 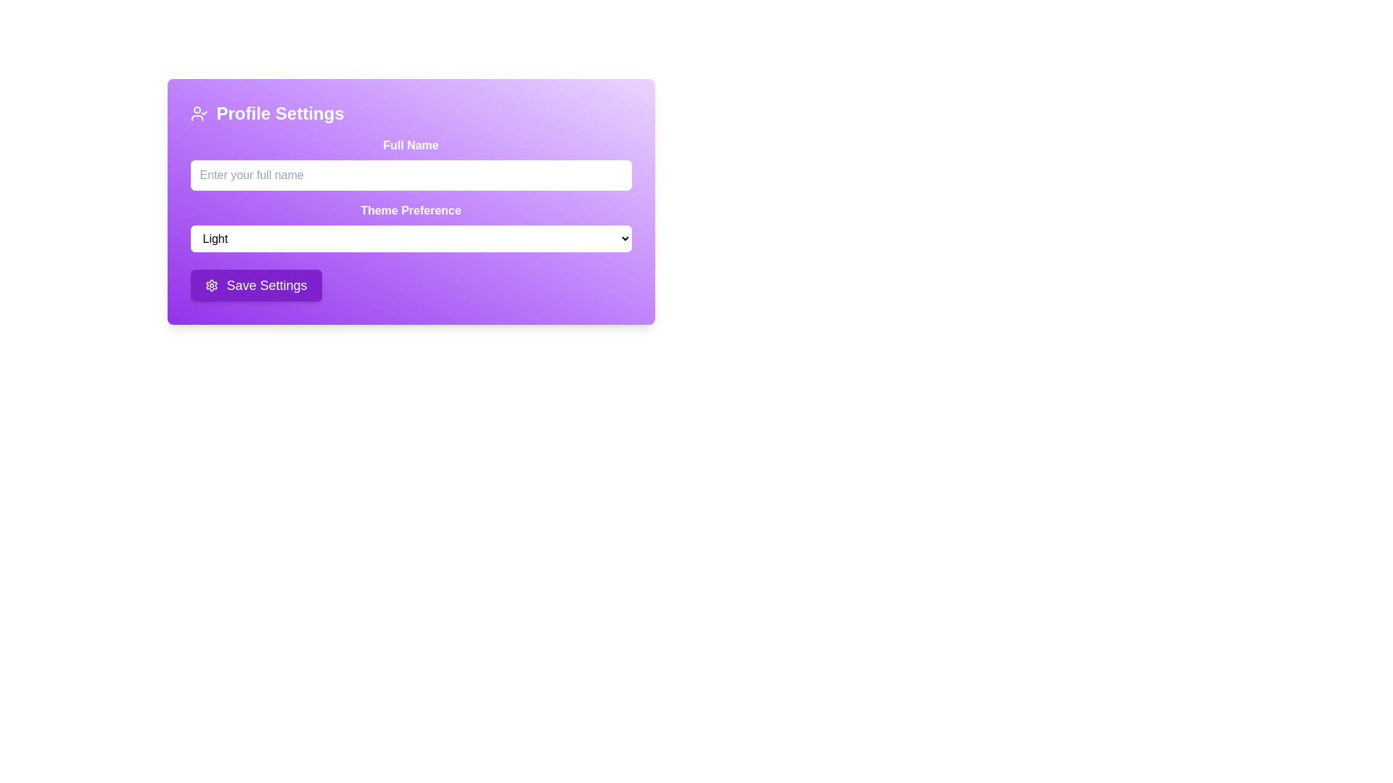 What do you see at coordinates (280, 113) in the screenshot?
I see `the 'Profile Settings' text label, which is a large, bold label with white font on a violet gradient background, located in the header section of the panel` at bounding box center [280, 113].